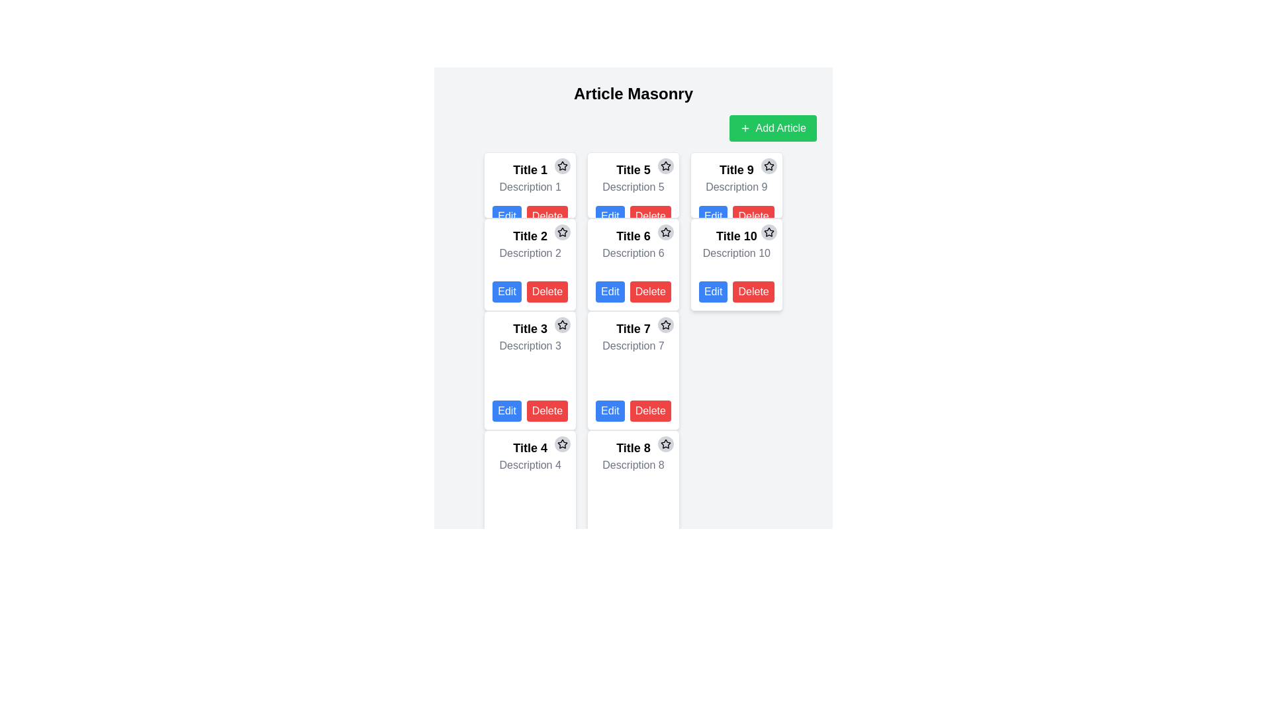 This screenshot has height=715, width=1271. What do you see at coordinates (753, 216) in the screenshot?
I see `the delete button located immediately to the right of the 'Edit' button in the 'Title 9' card of the 'Article Masonry' section` at bounding box center [753, 216].